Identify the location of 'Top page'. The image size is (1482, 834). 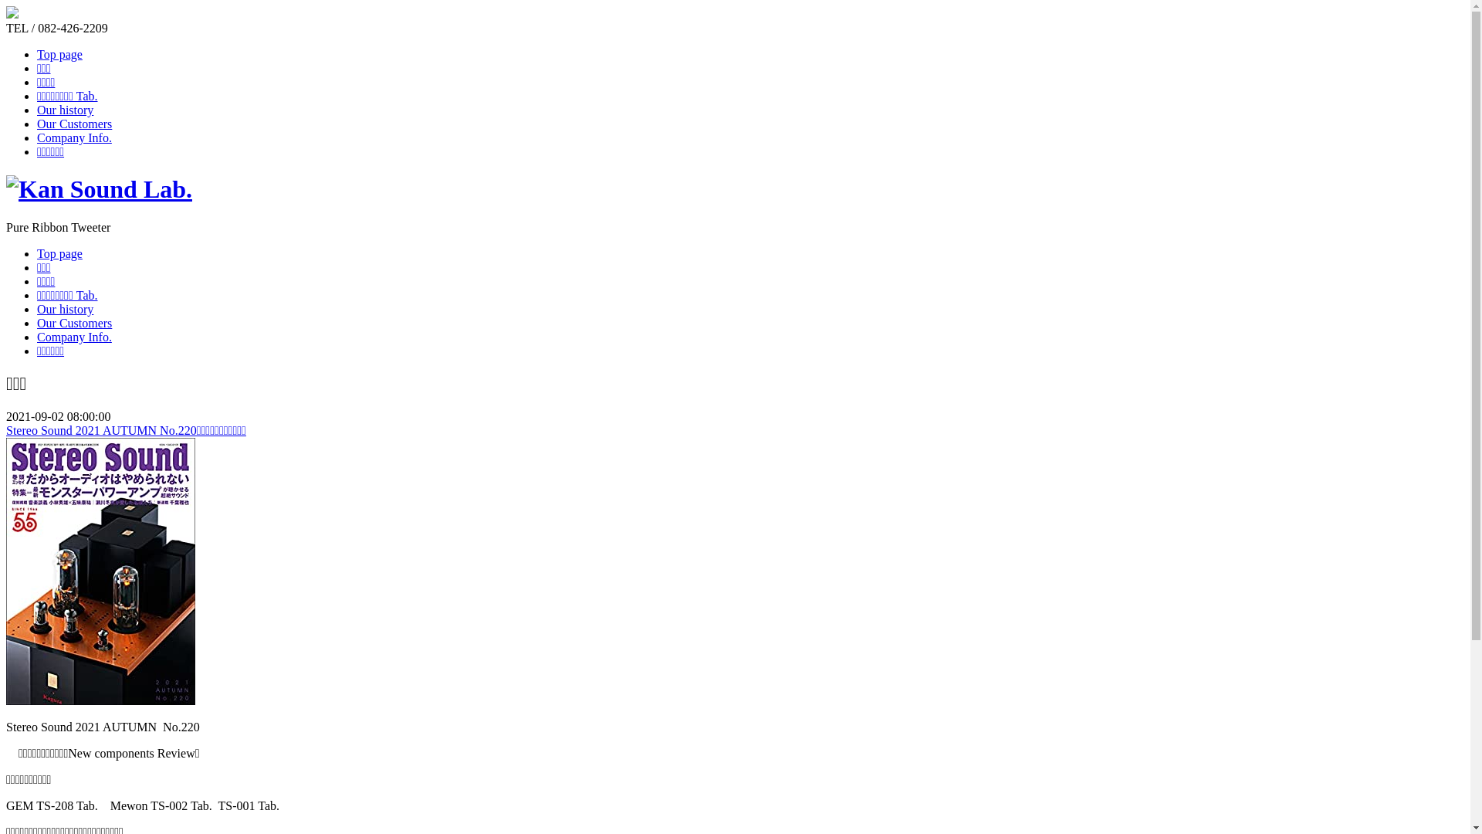
(59, 253).